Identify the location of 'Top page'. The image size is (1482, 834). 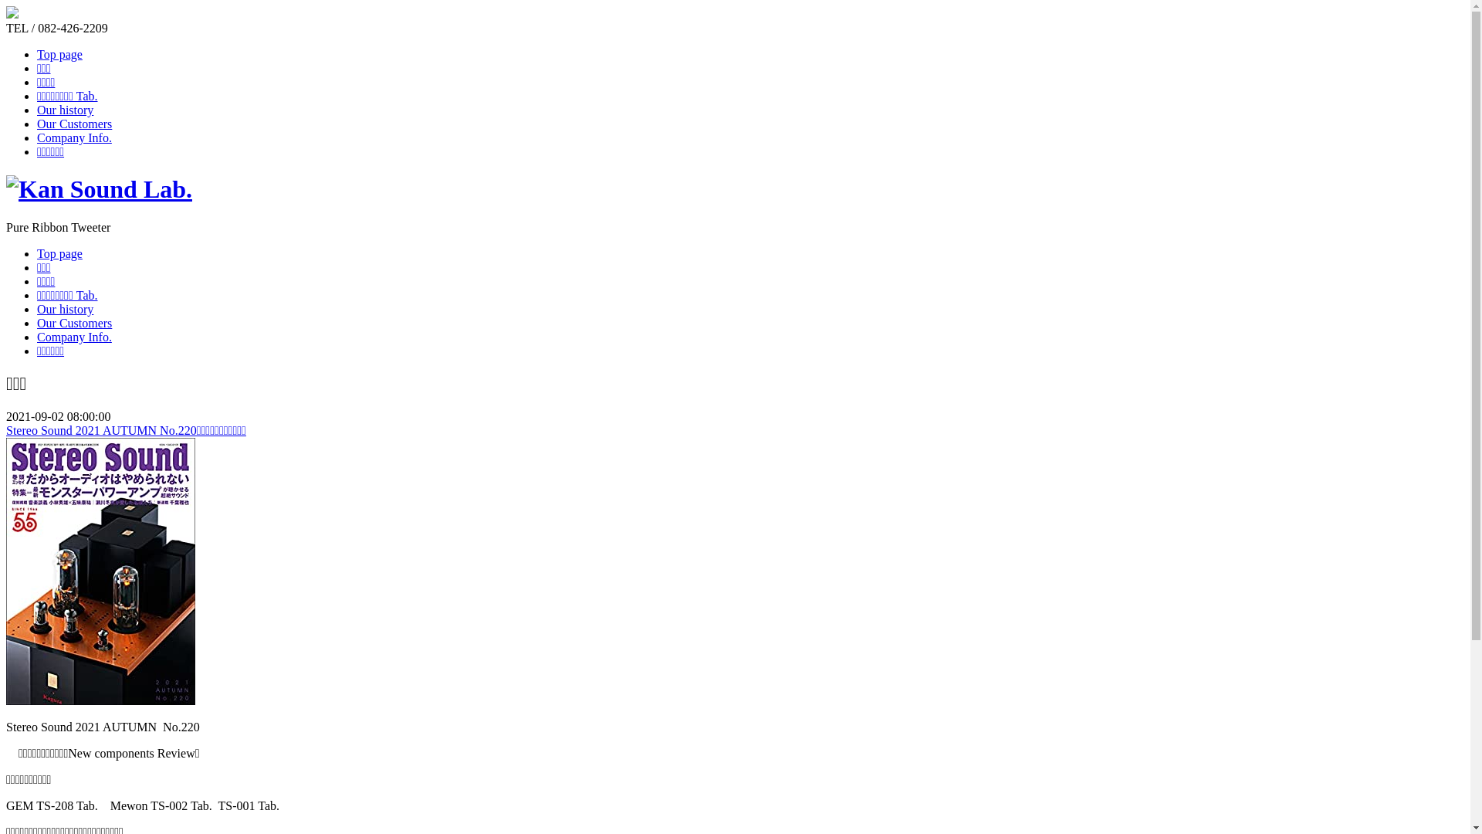
(59, 253).